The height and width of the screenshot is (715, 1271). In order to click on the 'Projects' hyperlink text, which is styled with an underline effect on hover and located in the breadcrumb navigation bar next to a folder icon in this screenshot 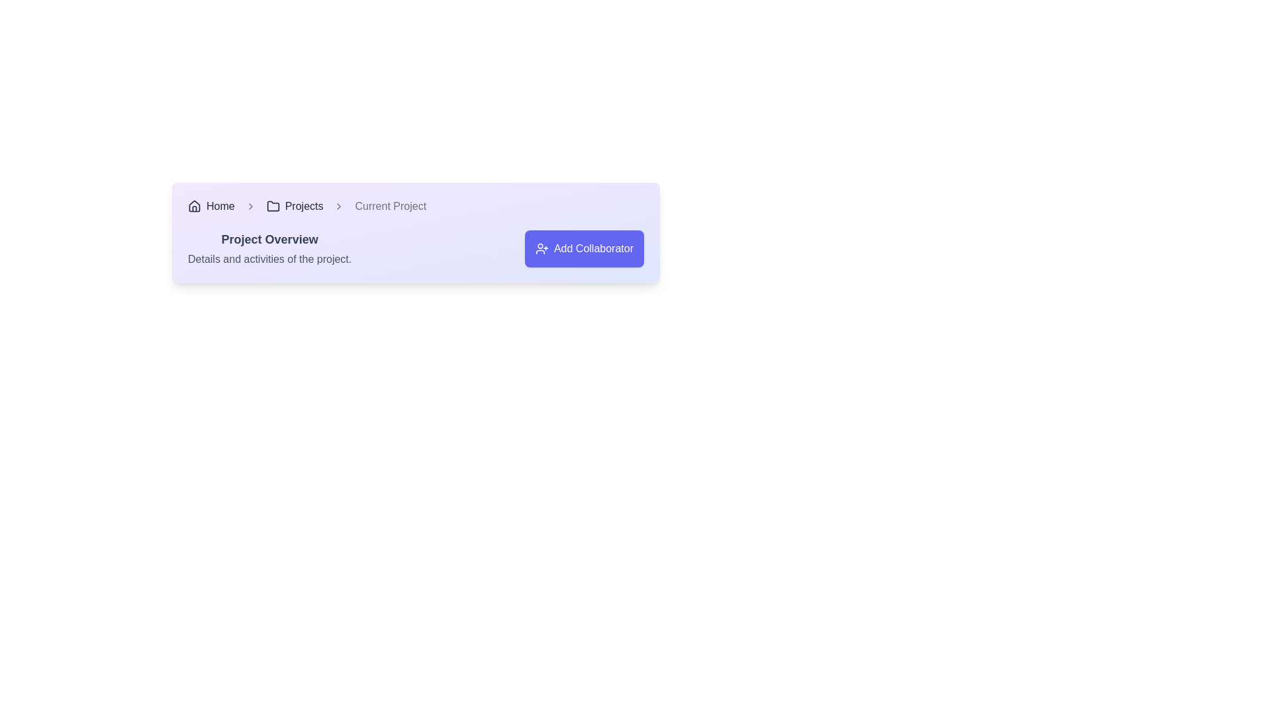, I will do `click(303, 207)`.